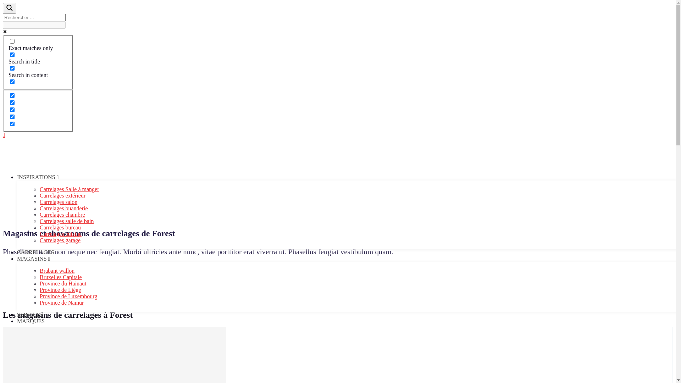 Image resolution: width=681 pixels, height=383 pixels. What do you see at coordinates (30, 314) in the screenshot?
I see `'SERVICES'` at bounding box center [30, 314].